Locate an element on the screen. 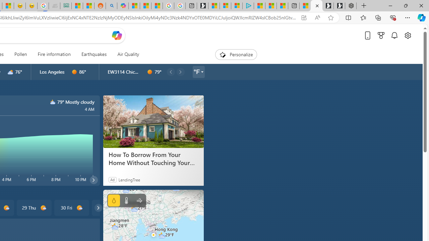 Image resolution: width=429 pixels, height=241 pixels. 'Precipitation' is located at coordinates (114, 200).